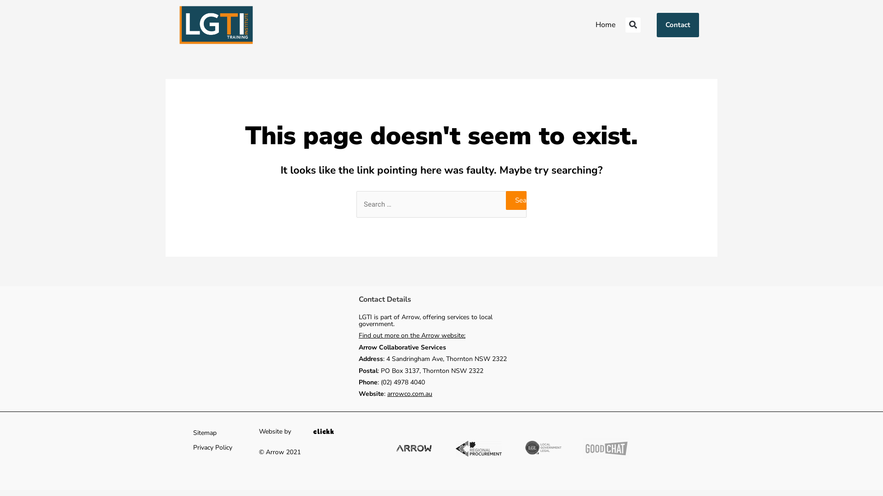  Describe the element at coordinates (204, 433) in the screenshot. I see `'Sitemap'` at that location.